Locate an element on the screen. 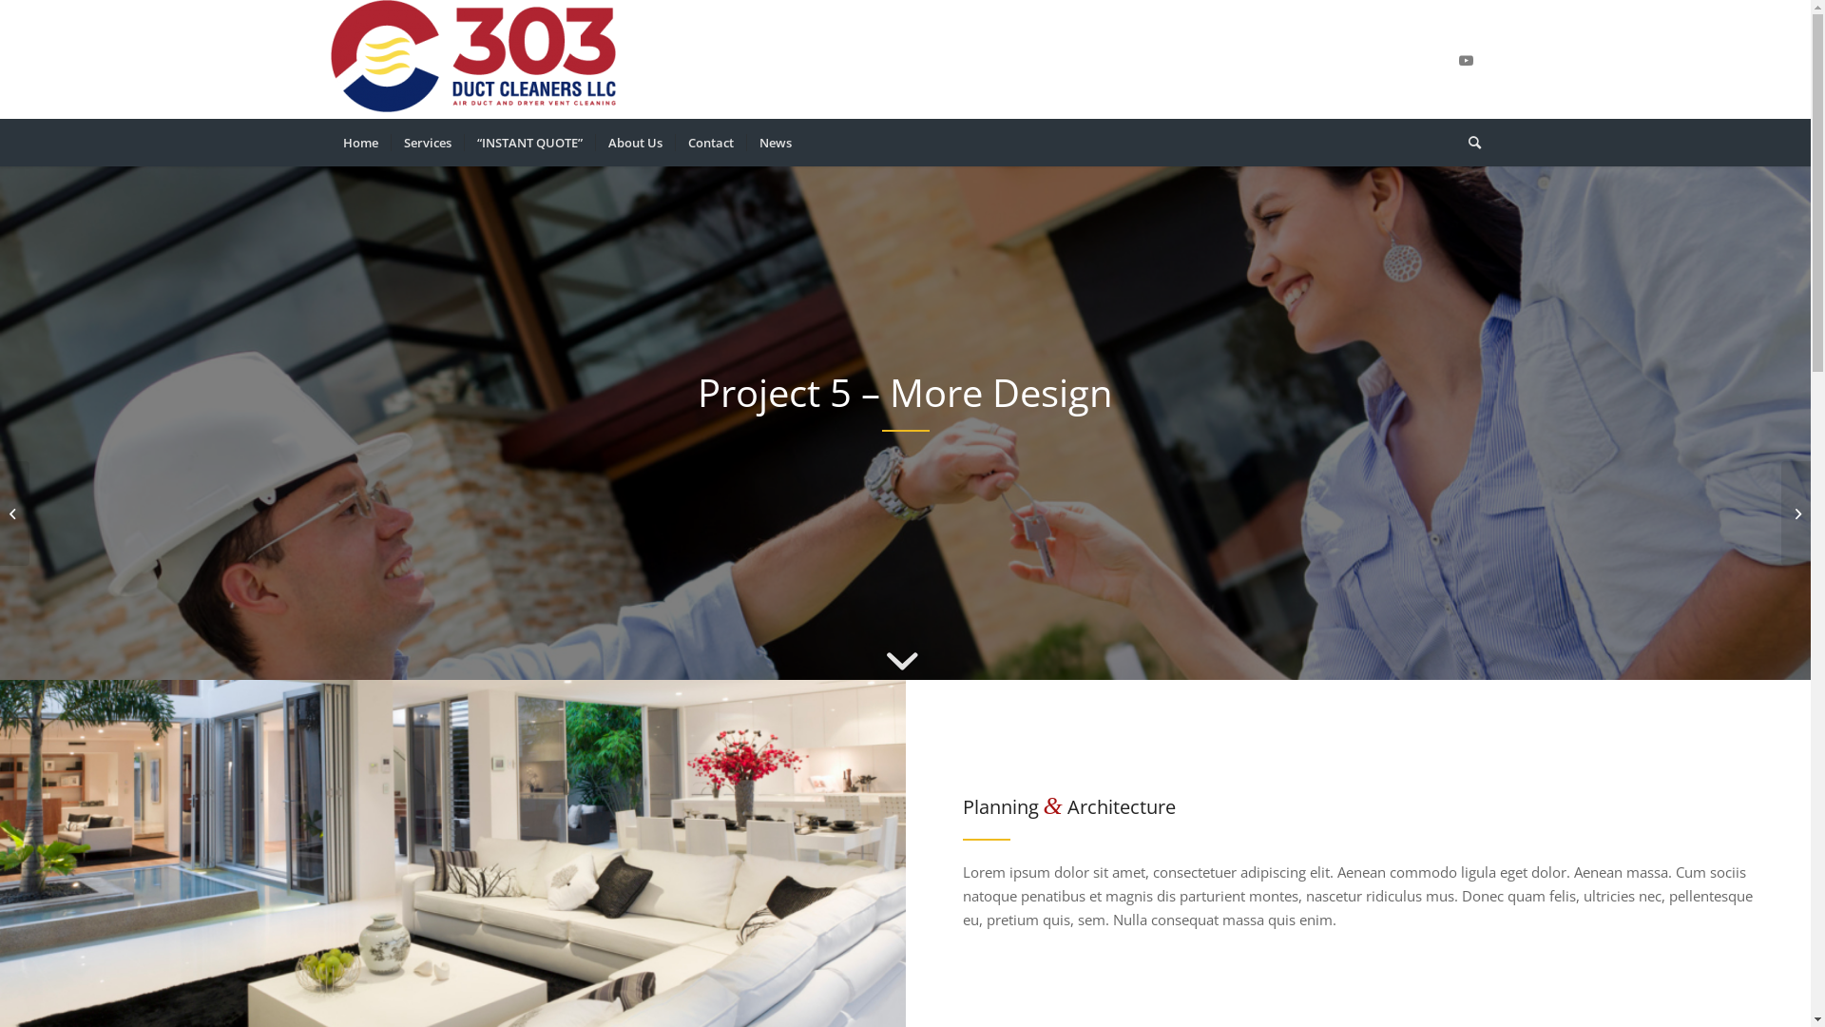 Image resolution: width=1825 pixels, height=1027 pixels. 'About Us' is located at coordinates (634, 142).